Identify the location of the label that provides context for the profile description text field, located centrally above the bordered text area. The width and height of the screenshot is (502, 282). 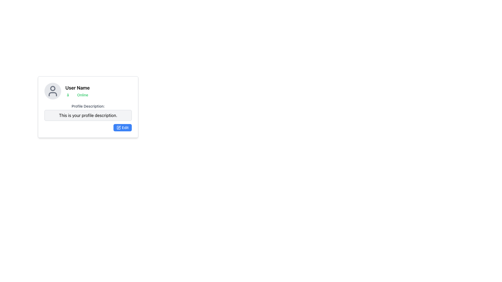
(88, 106).